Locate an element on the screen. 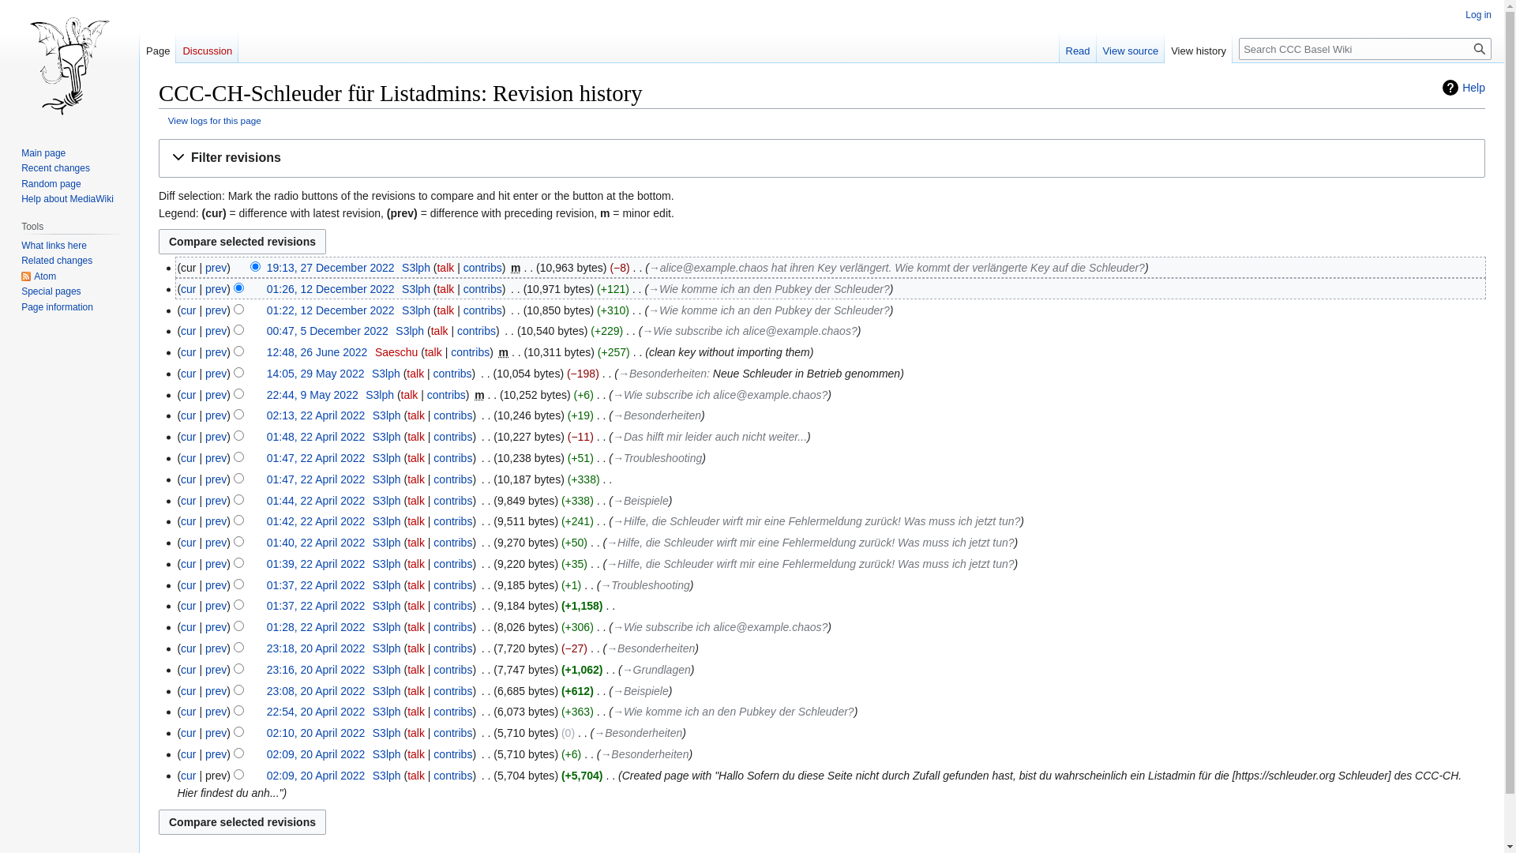 Image resolution: width=1516 pixels, height=853 pixels. 'Random page' is located at coordinates (51, 182).